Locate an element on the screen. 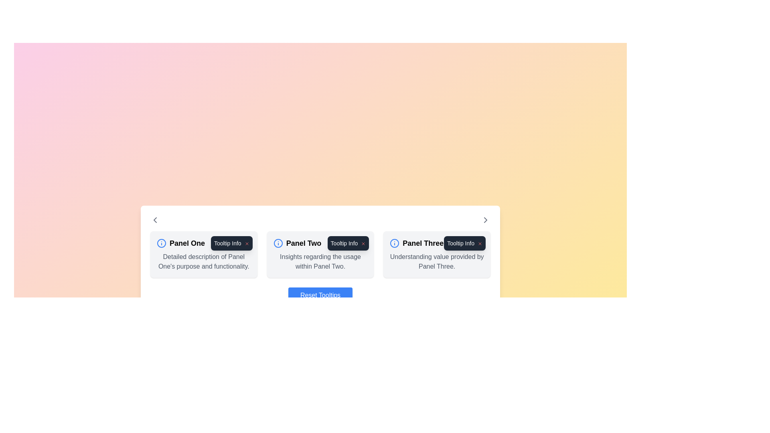  the interactive close button in the top-right corner of the 'Tooltip Info' tooltip associated with 'Panel Three' card is located at coordinates (480, 243).